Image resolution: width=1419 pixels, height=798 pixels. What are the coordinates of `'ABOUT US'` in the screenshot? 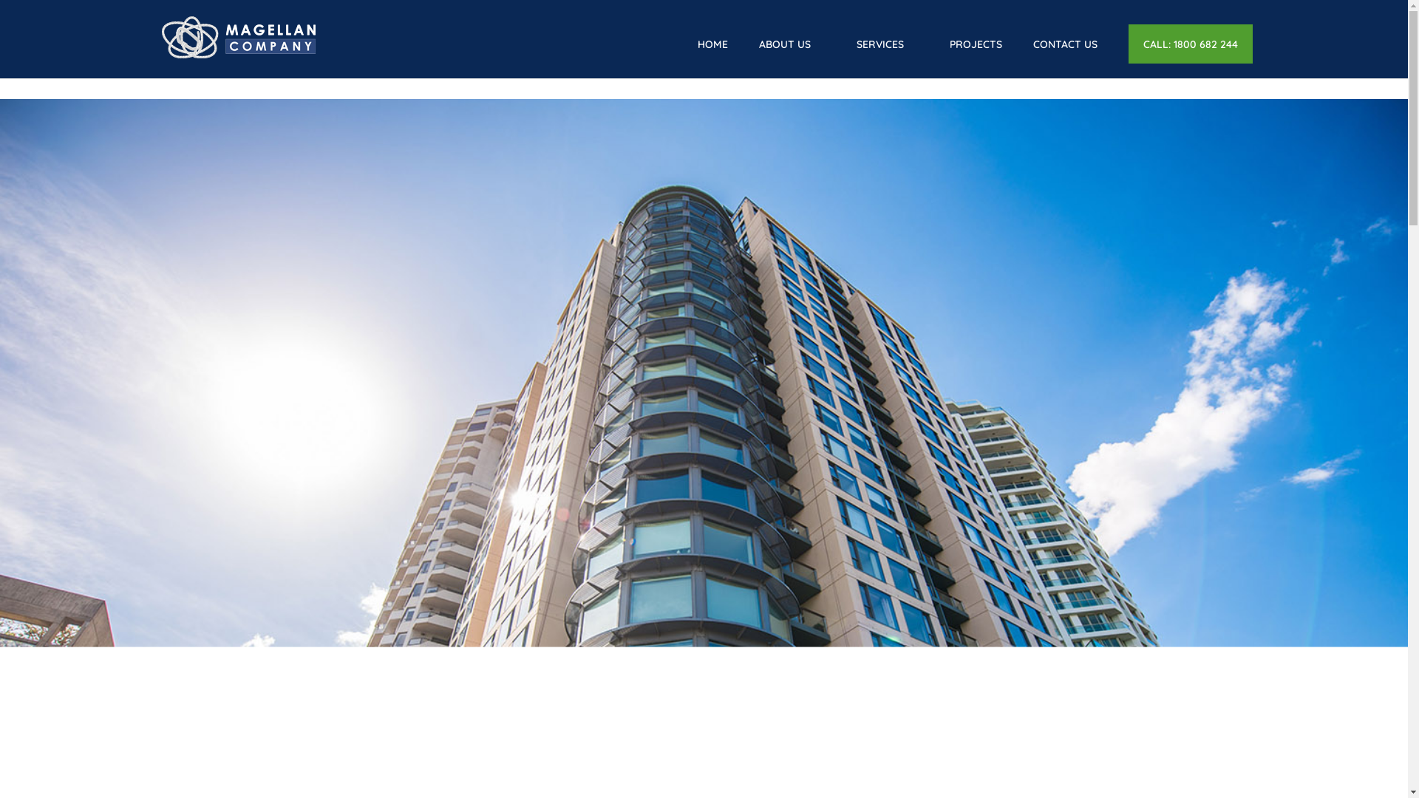 It's located at (759, 55).